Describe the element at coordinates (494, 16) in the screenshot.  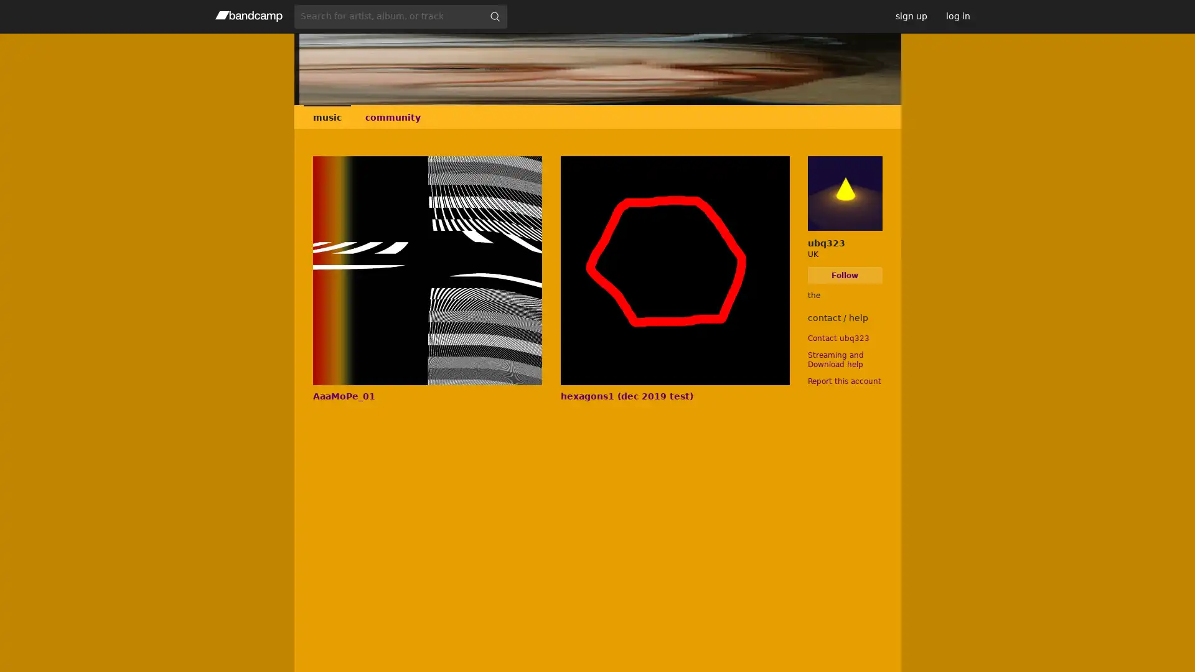
I see `submit for full search page` at that location.